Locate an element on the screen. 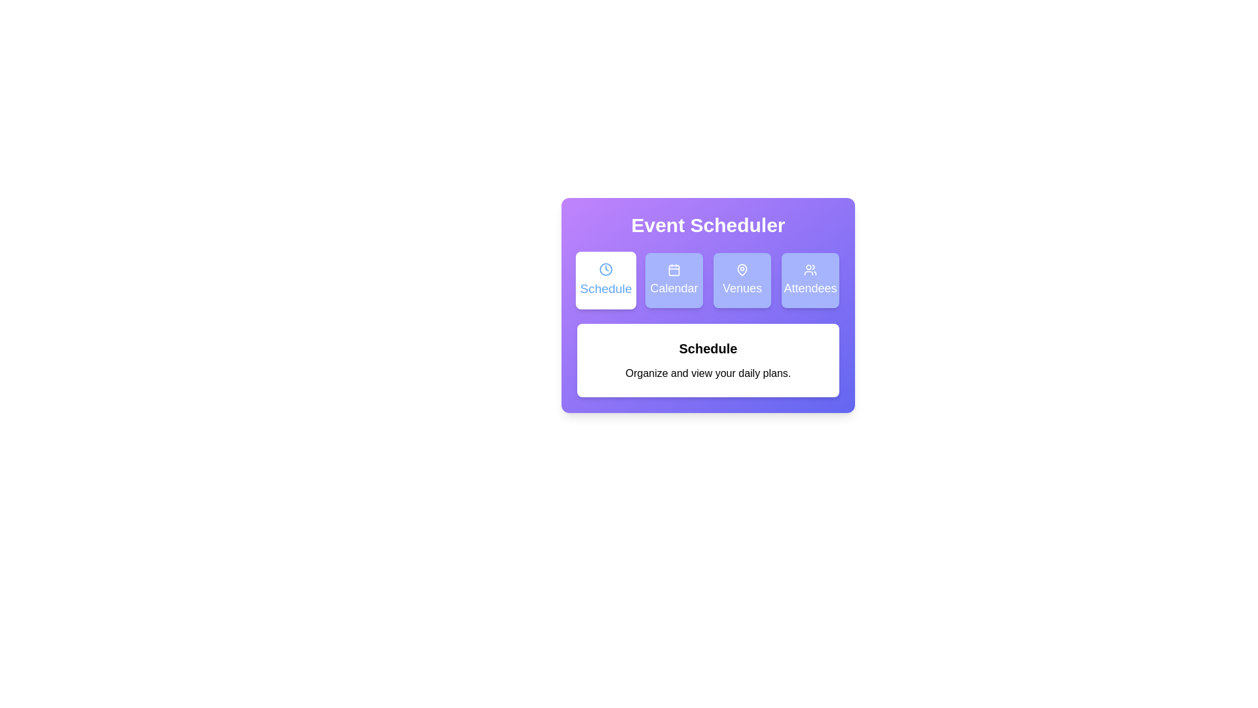 The height and width of the screenshot is (708, 1258). the Attendees tab by clicking on its corresponding button is located at coordinates (810, 280).